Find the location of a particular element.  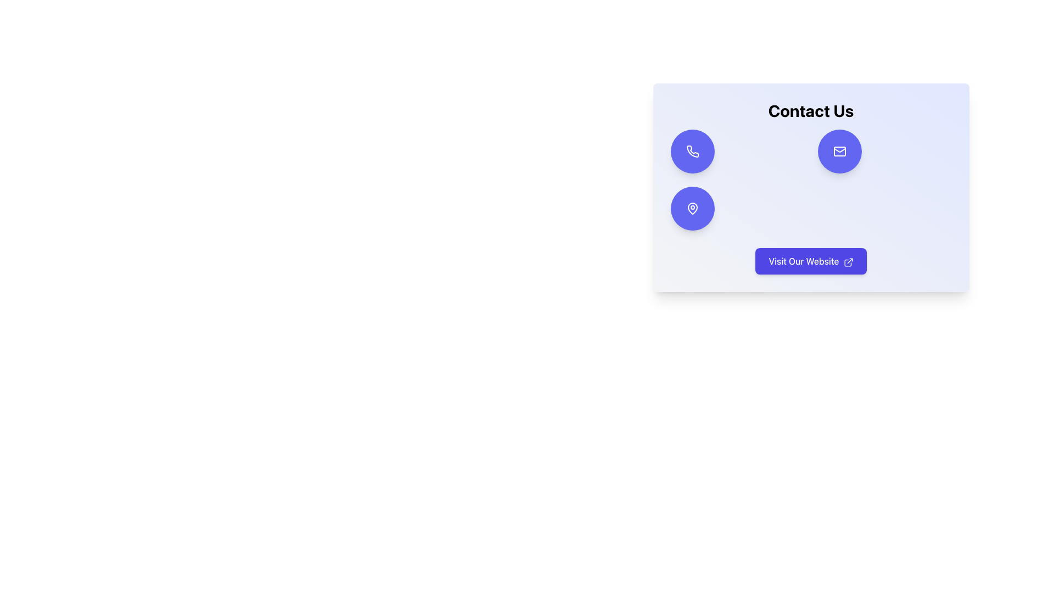

the main body of the map pin icon located in the 'Contact Us' section, which is visually centered below the phone and envelope icons is located at coordinates (692, 209).